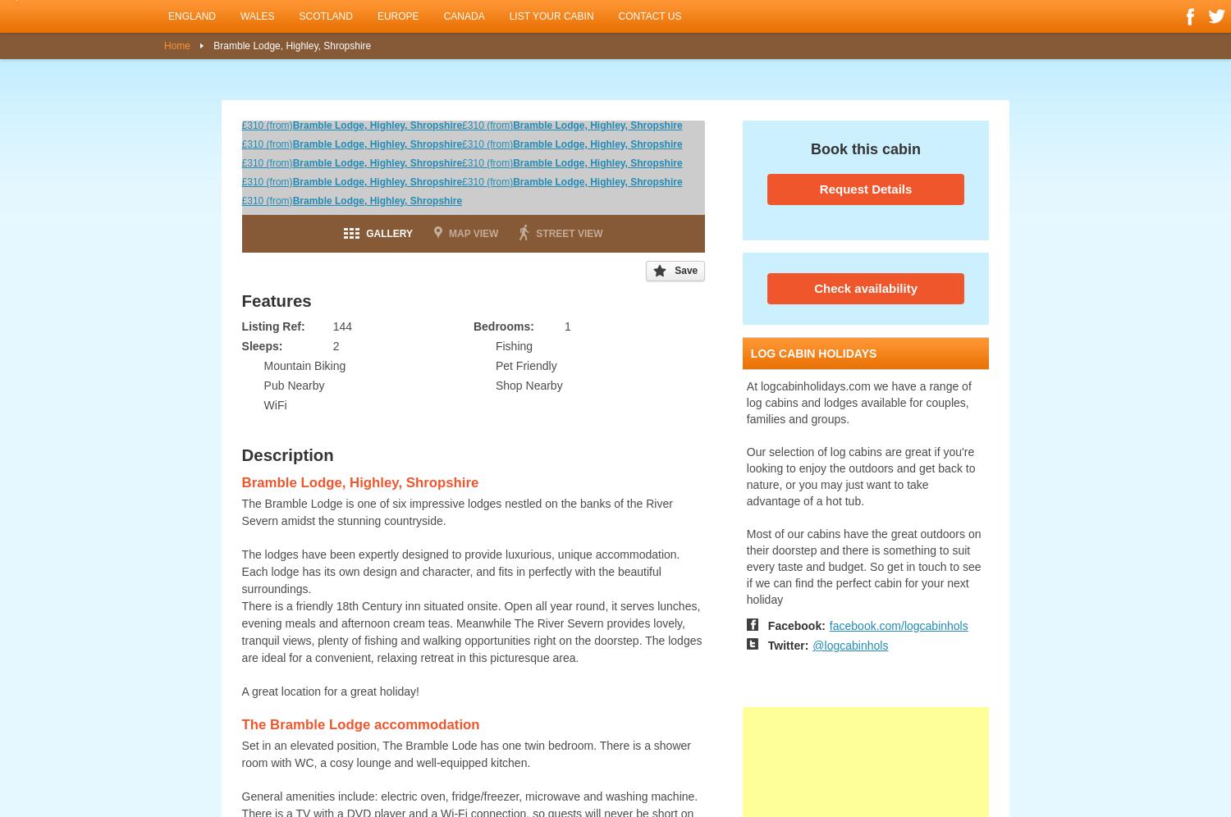  Describe the element at coordinates (464, 754) in the screenshot. I see `'Set in an elevated position, The Bramble Lode has one twin bedroom. There is a shower room with WC, a cosy lounge and well-equipped kitchen.'` at that location.